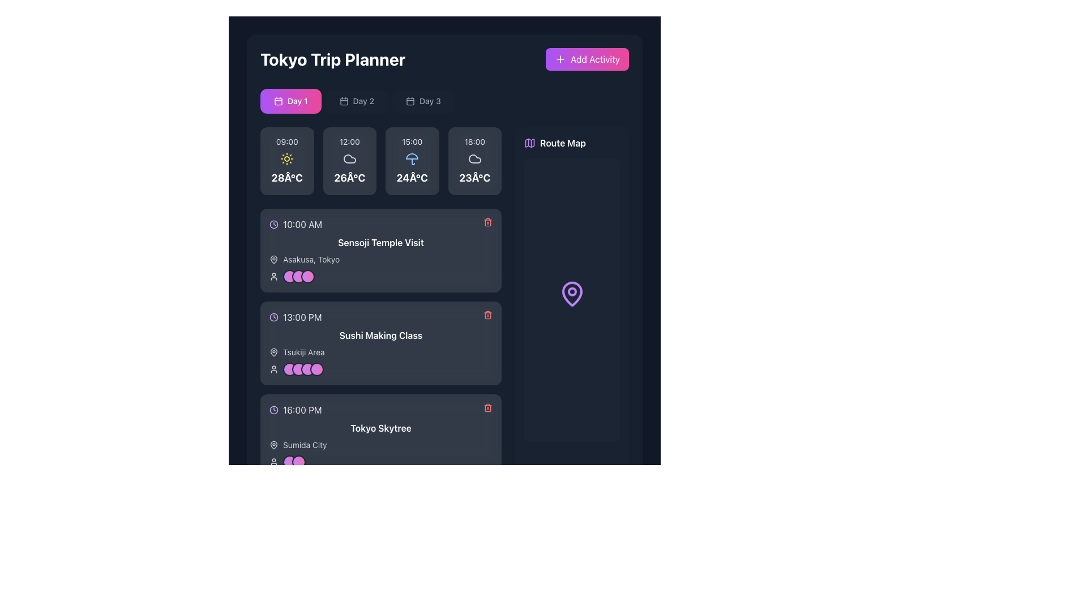 This screenshot has width=1087, height=611. Describe the element at coordinates (380, 410) in the screenshot. I see `time displayed on the composite element showing '16:00 PM', located at the top of the third card in a vertical sequence, just above the card title 'Tokyo Skytree'` at that location.